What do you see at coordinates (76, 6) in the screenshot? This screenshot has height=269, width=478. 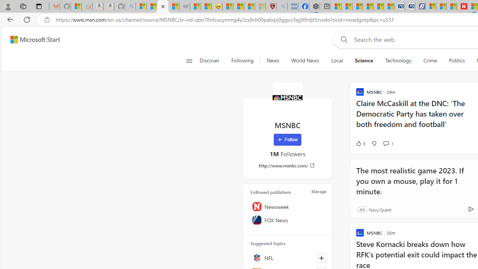 I see `'Microsoft-Report a Concern to Bing'` at bounding box center [76, 6].